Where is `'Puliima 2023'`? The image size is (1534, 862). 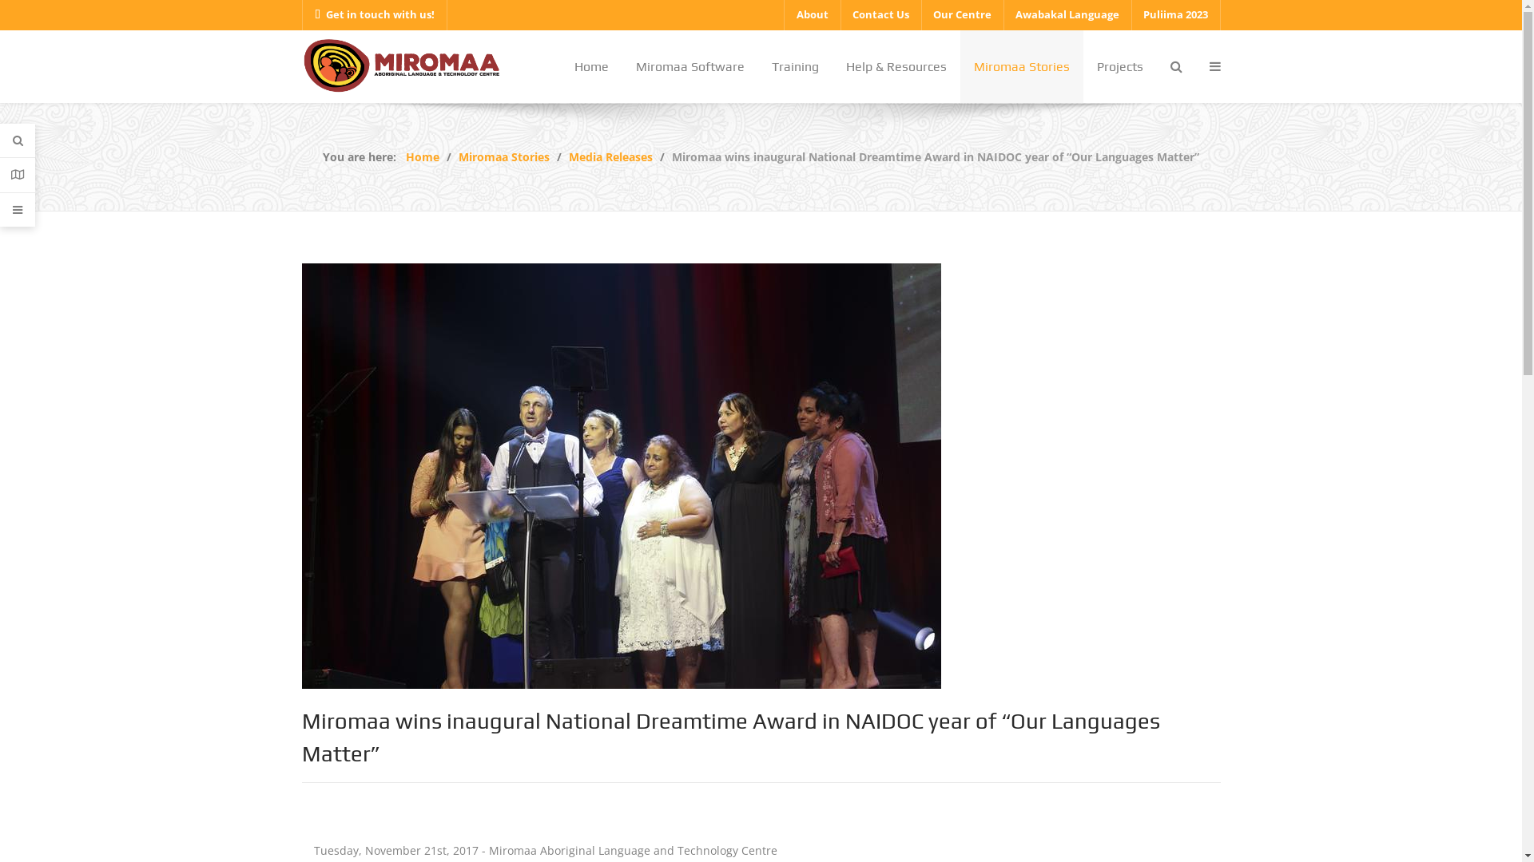 'Puliima 2023' is located at coordinates (1175, 15).